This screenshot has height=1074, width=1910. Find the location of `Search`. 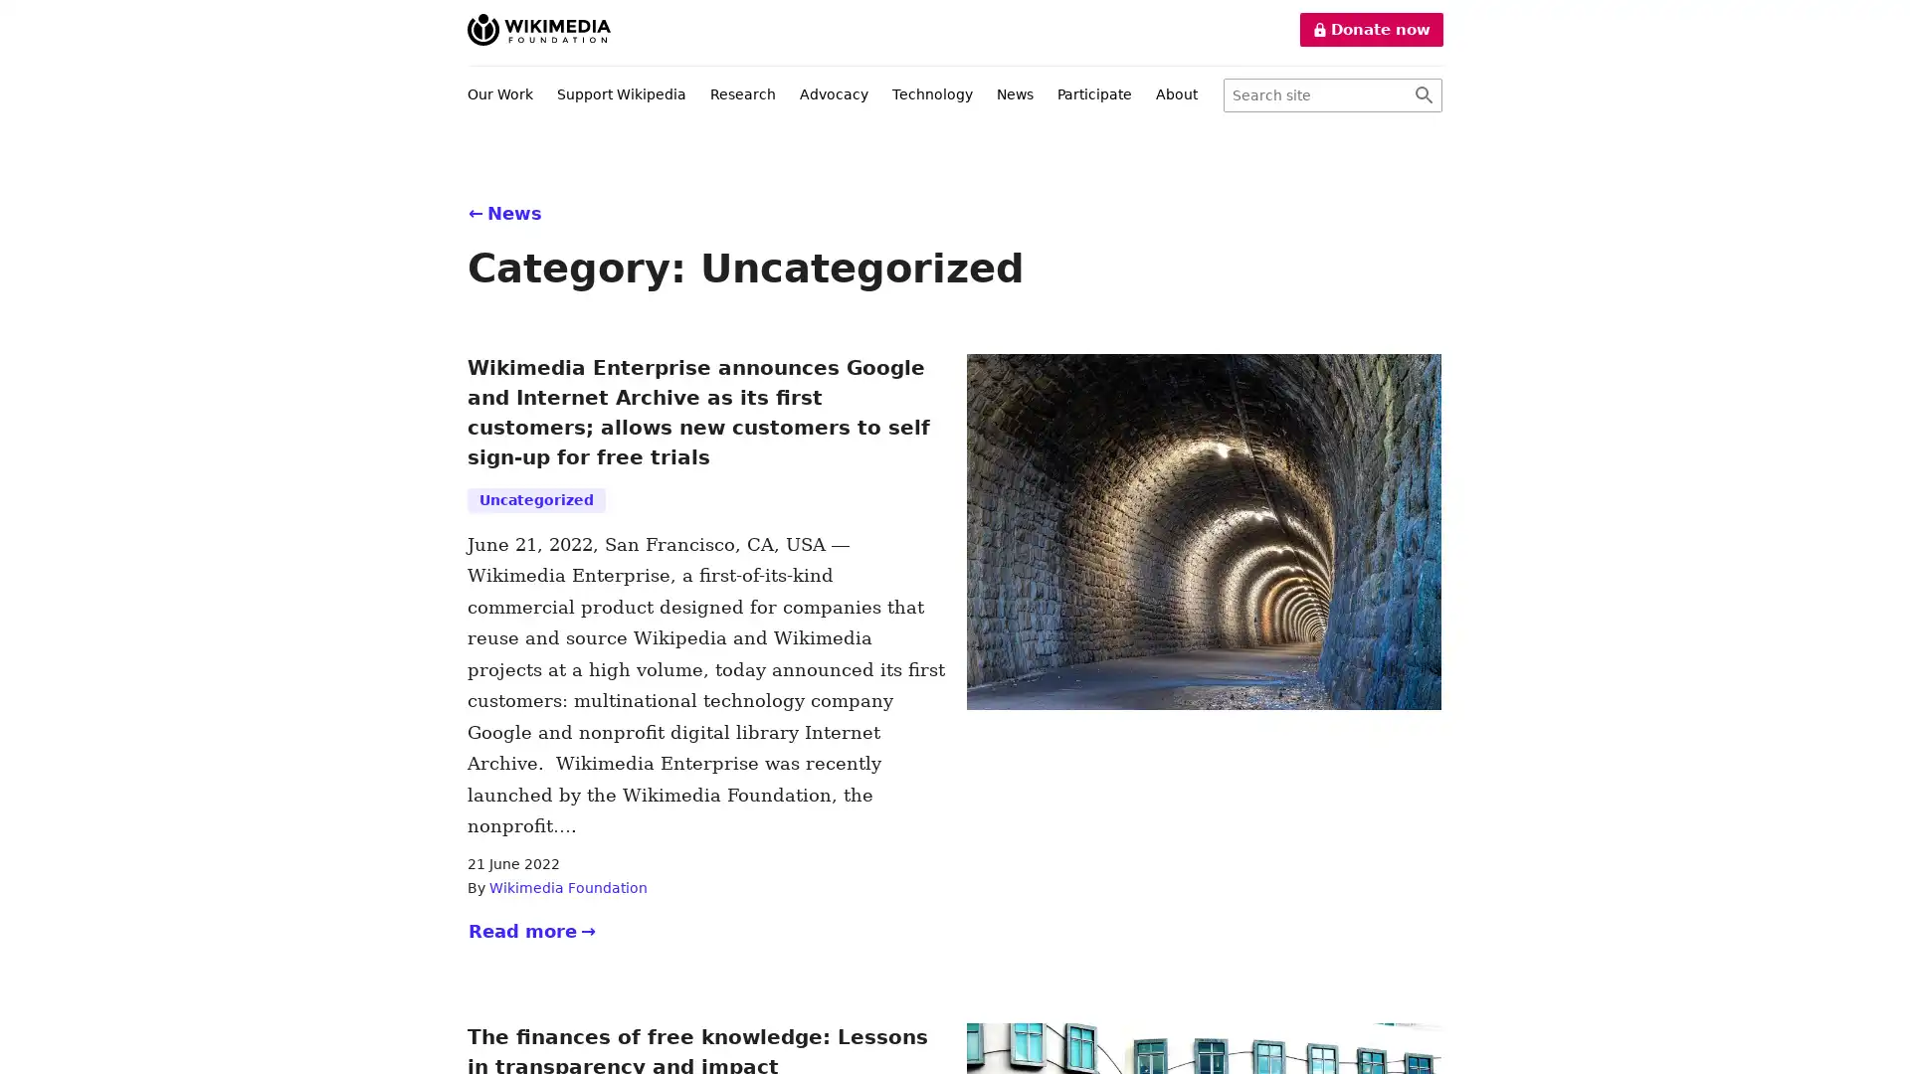

Search is located at coordinates (1423, 95).